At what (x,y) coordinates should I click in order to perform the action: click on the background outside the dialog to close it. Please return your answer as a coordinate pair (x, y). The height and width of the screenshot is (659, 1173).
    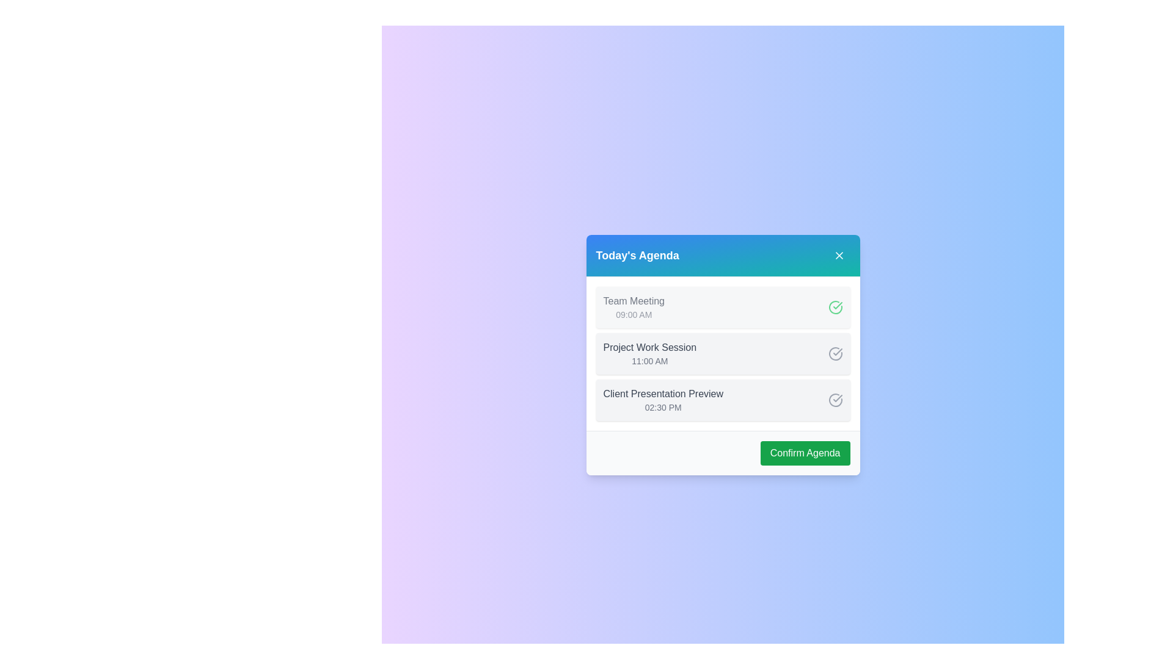
    Looking at the image, I should click on (305, 304).